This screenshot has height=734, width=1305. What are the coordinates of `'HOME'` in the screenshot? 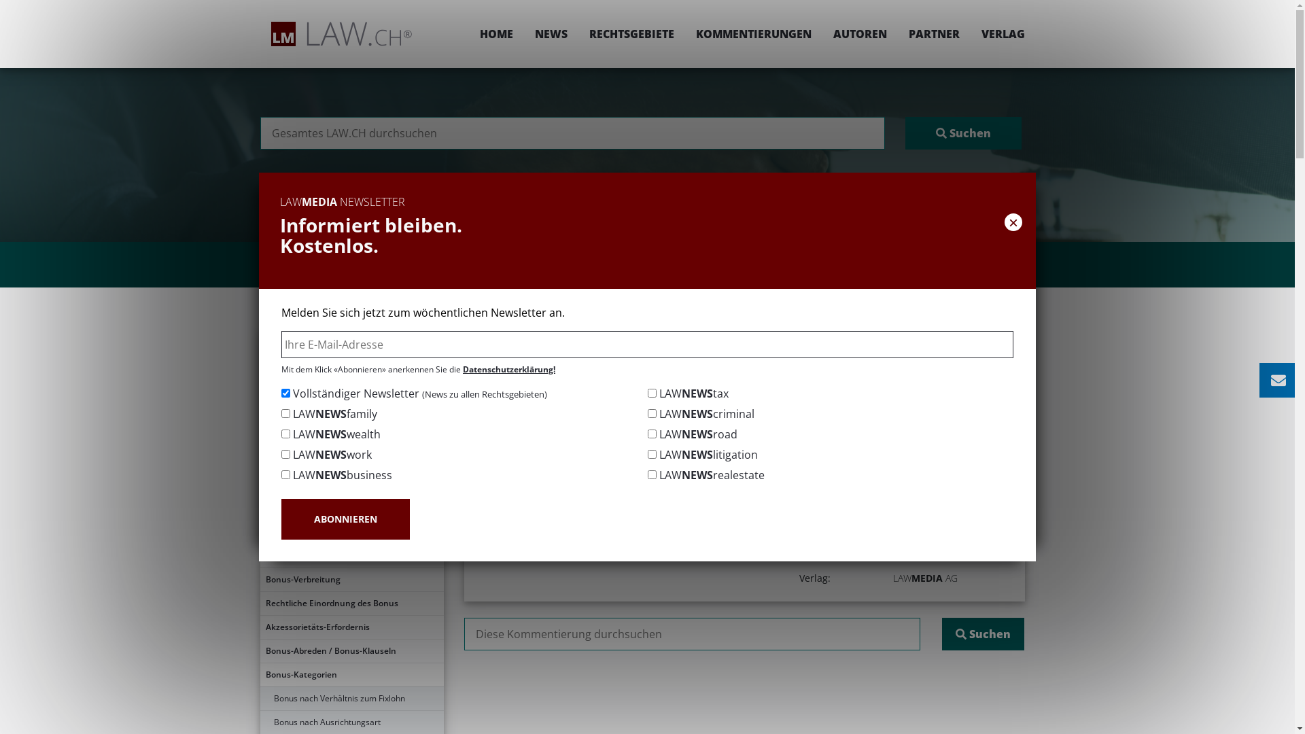 It's located at (495, 33).